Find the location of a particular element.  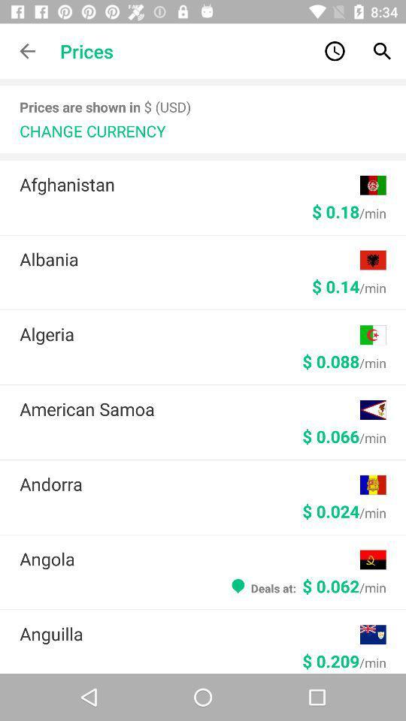

item below angola item is located at coordinates (307, 585).